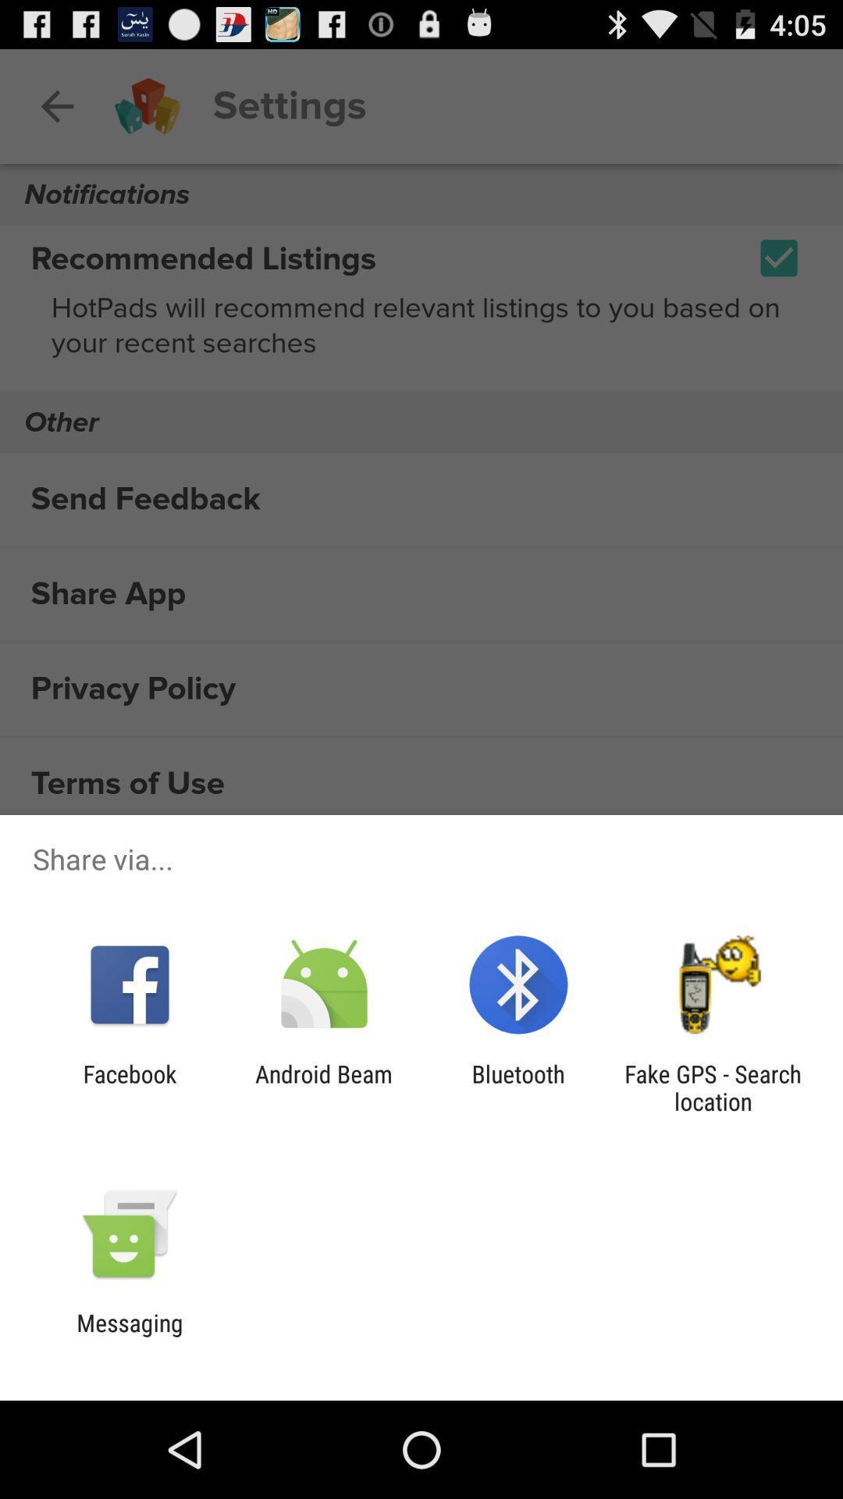 This screenshot has width=843, height=1499. What do you see at coordinates (129, 1087) in the screenshot?
I see `the item next to the android beam icon` at bounding box center [129, 1087].